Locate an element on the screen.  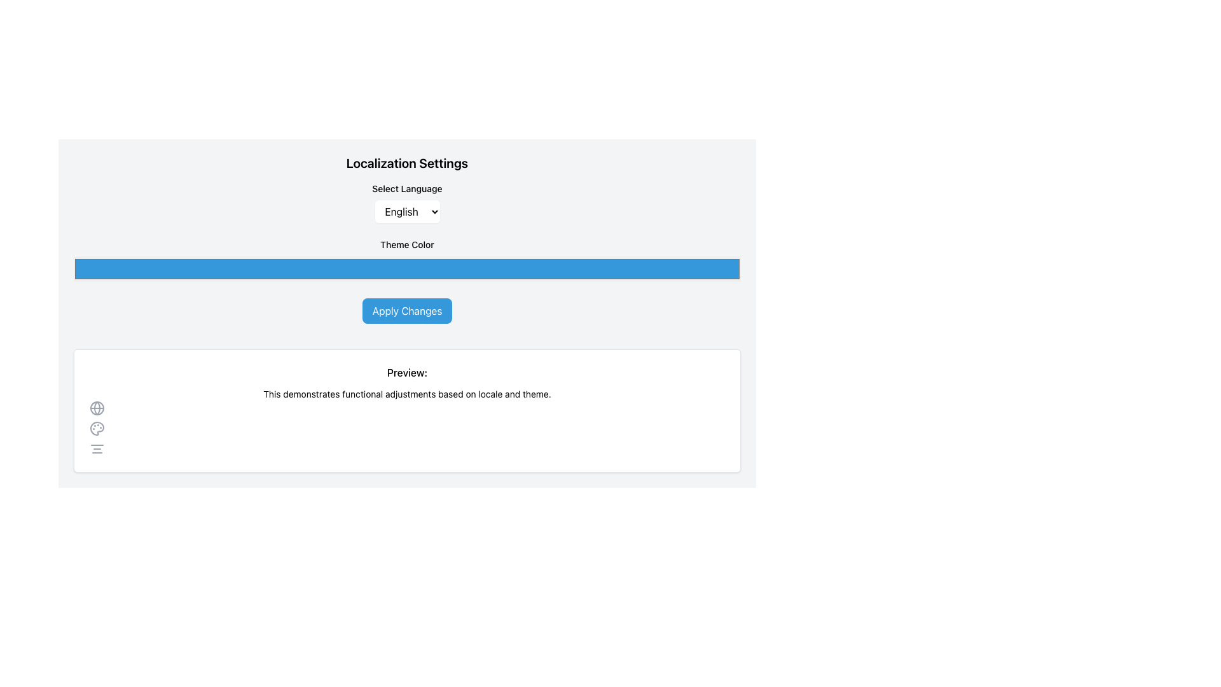
the 'Preview:' text label, which is styled in medium-weight bold font and positioned at the top of a white pane, centered above descriptive text is located at coordinates (407, 372).